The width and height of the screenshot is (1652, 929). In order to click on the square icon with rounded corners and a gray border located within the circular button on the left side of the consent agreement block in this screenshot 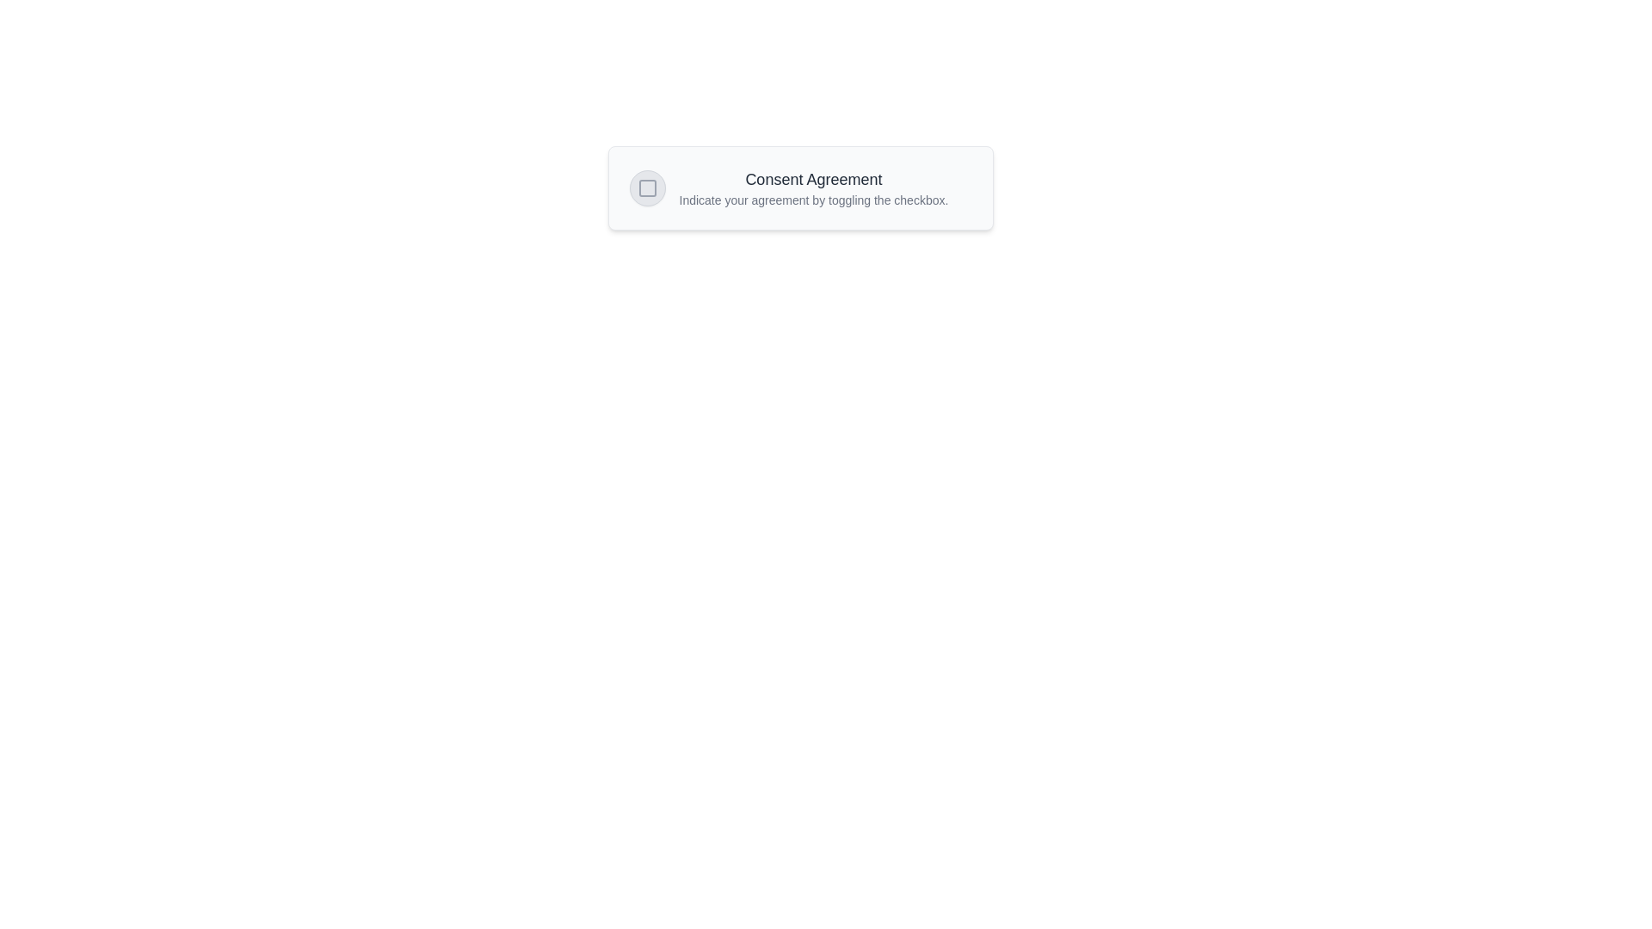, I will do `click(646, 188)`.